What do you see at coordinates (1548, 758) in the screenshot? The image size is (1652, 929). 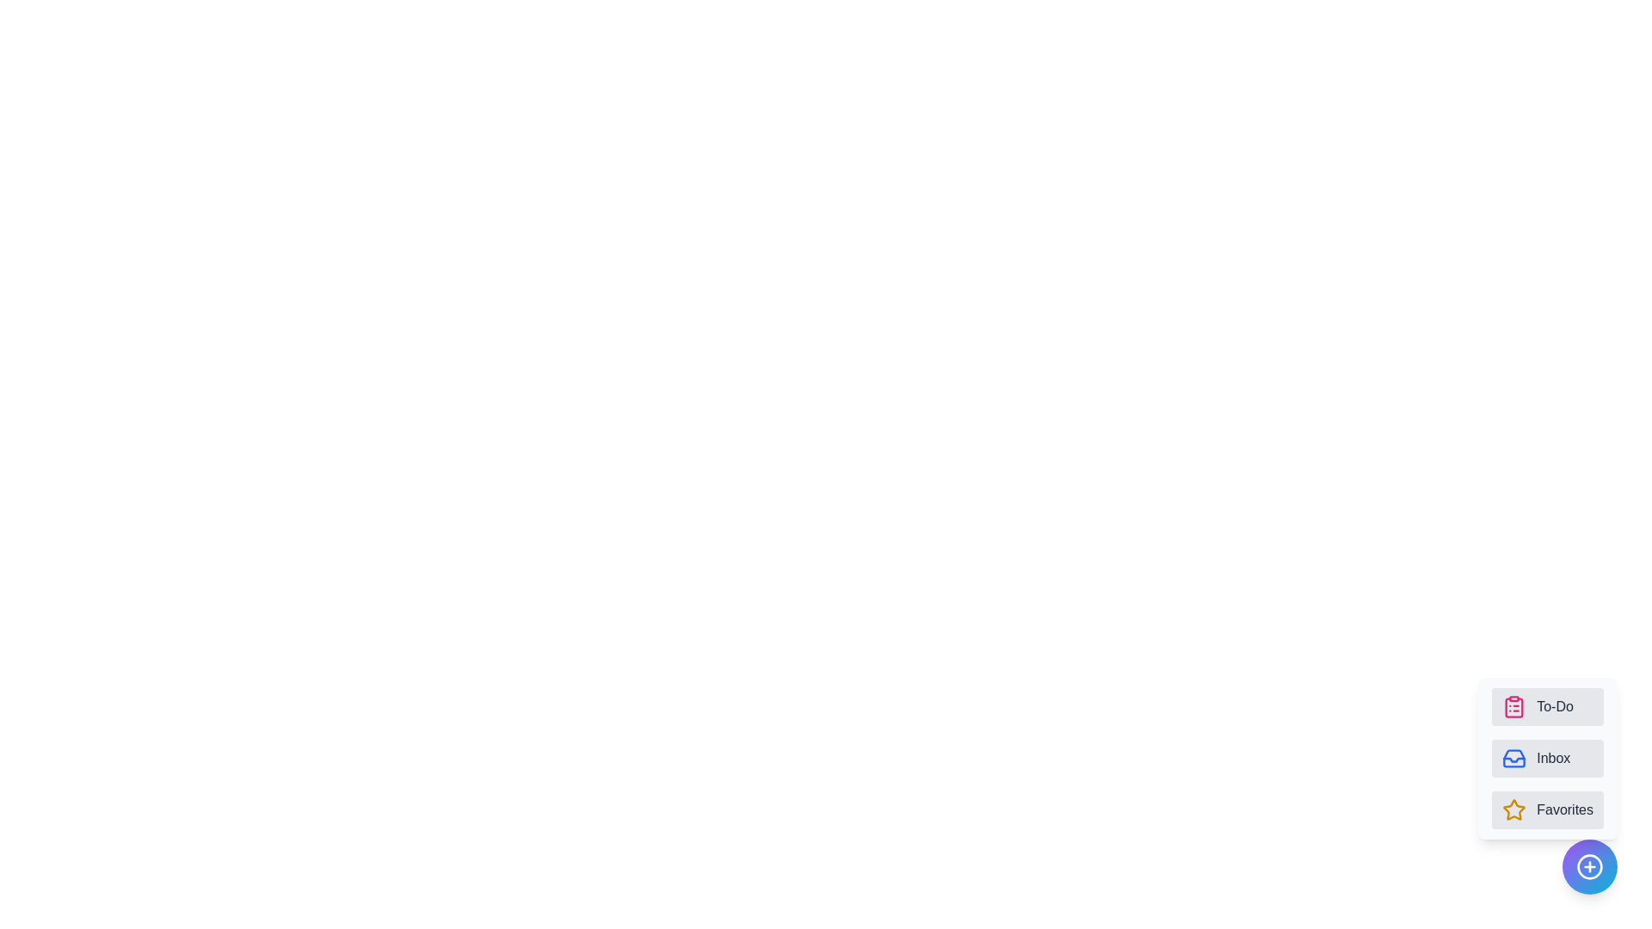 I see `the 'Inbox' button to select the 'Inbox' category` at bounding box center [1548, 758].